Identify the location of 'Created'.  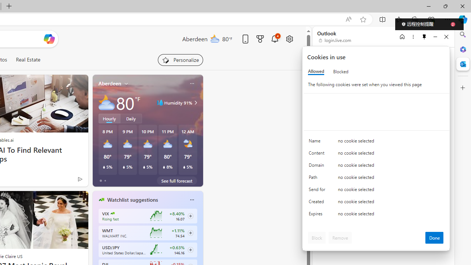
(318, 203).